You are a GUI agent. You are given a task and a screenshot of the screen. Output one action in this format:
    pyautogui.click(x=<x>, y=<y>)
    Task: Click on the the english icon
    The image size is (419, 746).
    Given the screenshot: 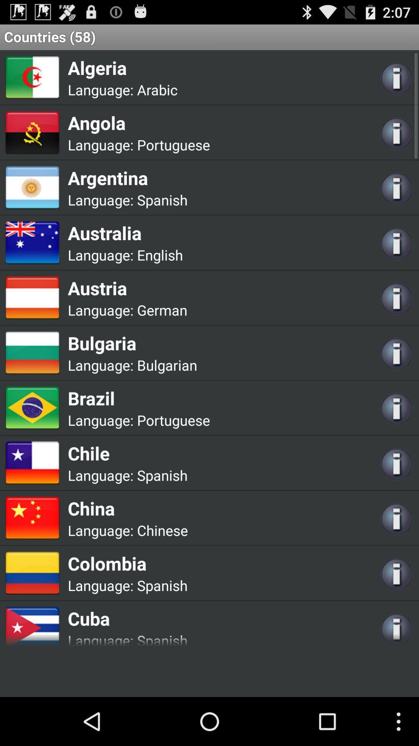 What is the action you would take?
    pyautogui.click(x=159, y=255)
    